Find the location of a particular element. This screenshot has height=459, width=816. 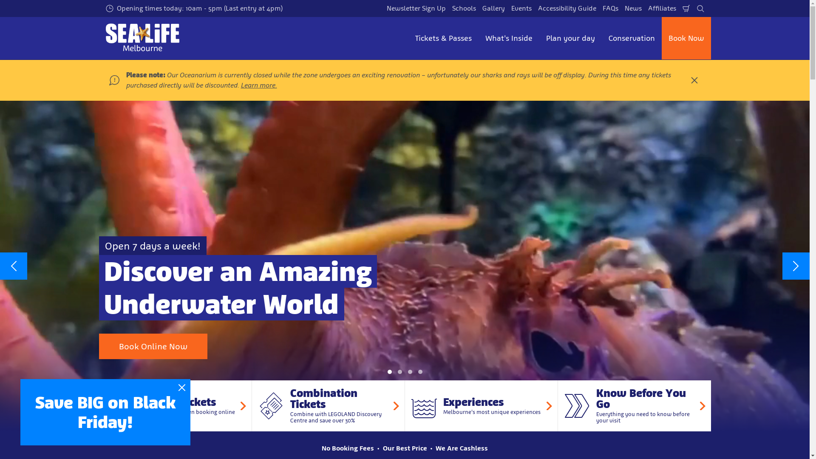

'Events' is located at coordinates (521, 8).